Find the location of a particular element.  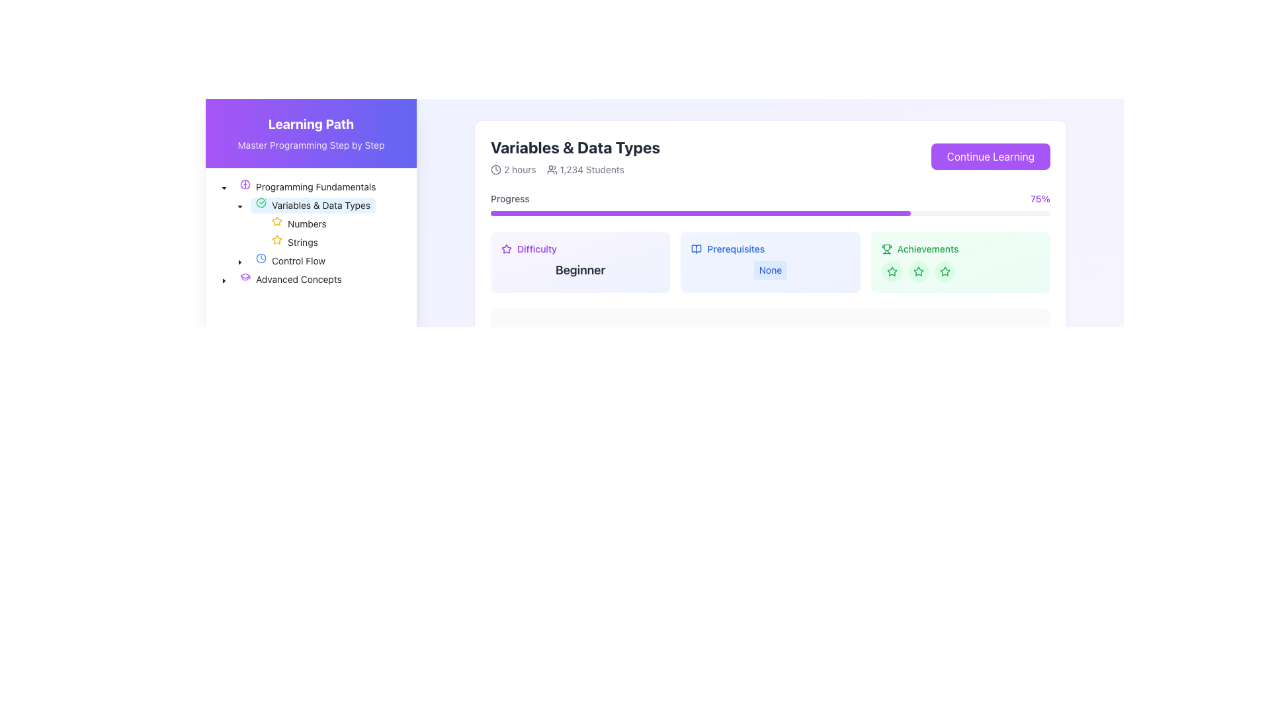

the text label displaying 'None' with a light blue background and blue text color, located in the 'Prerequisites' row on the right side of the user interface is located at coordinates (771, 269).